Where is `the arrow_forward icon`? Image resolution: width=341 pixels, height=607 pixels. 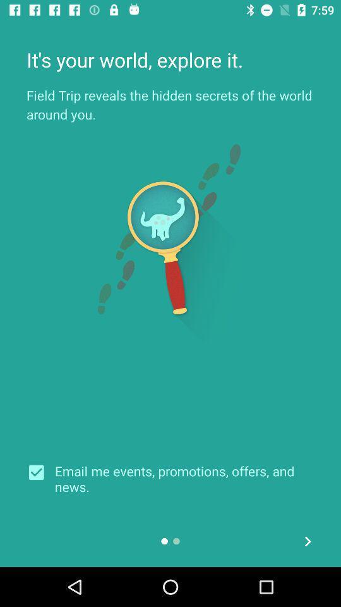
the arrow_forward icon is located at coordinates (307, 541).